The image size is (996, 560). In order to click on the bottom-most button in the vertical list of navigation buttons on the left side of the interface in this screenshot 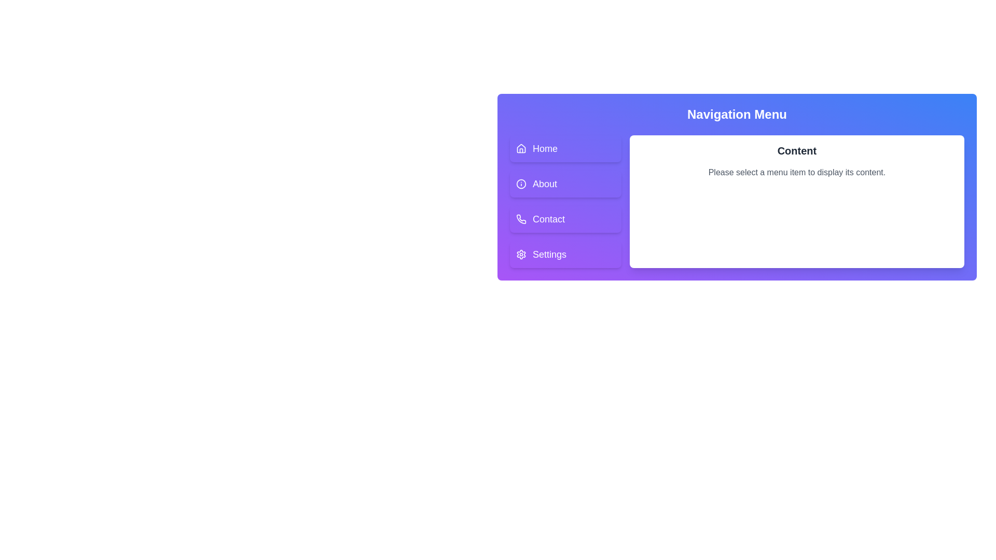, I will do `click(565, 254)`.